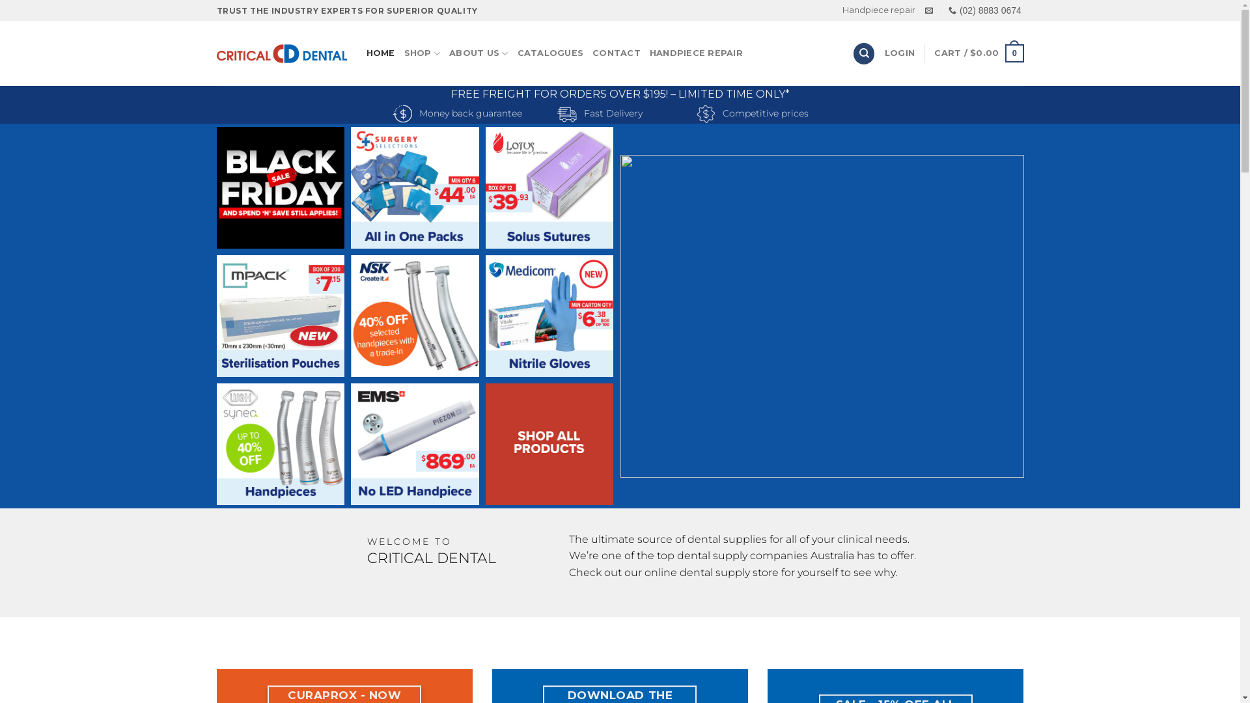 The height and width of the screenshot is (703, 1250). Describe the element at coordinates (928, 10) in the screenshot. I see `'Send us an email'` at that location.